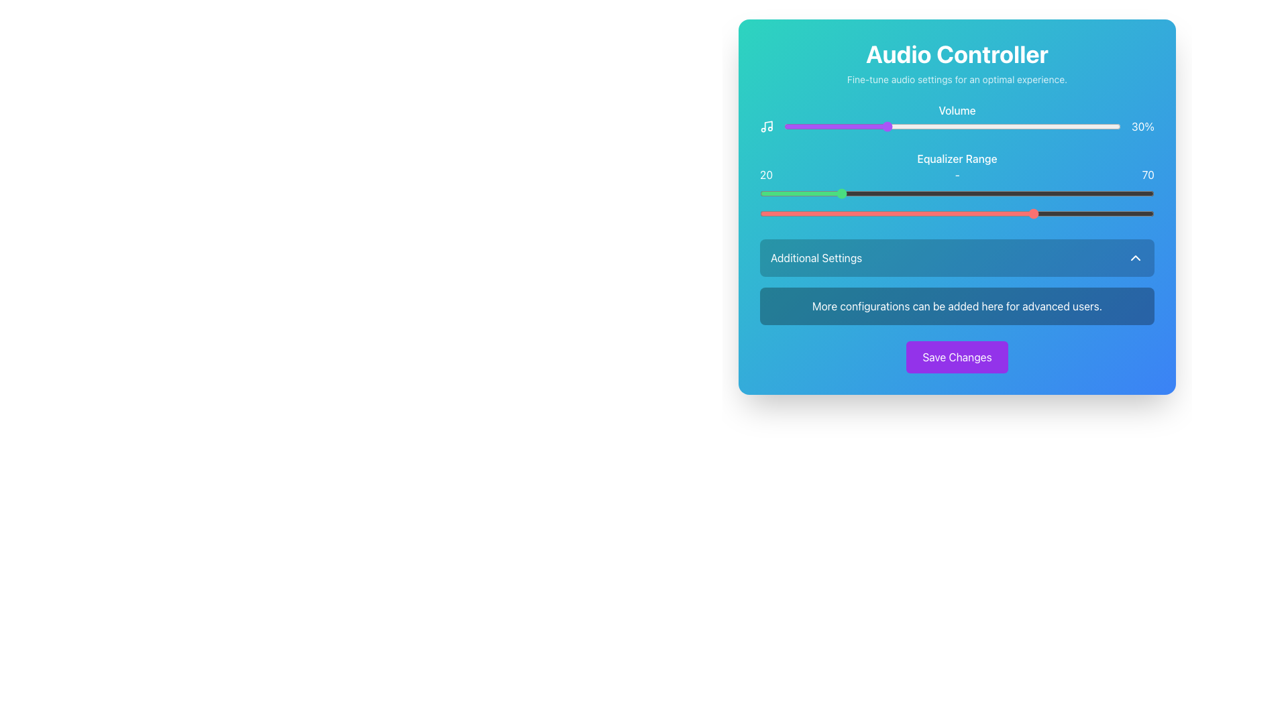 The width and height of the screenshot is (1288, 724). I want to click on the equalizer range, so click(870, 213).